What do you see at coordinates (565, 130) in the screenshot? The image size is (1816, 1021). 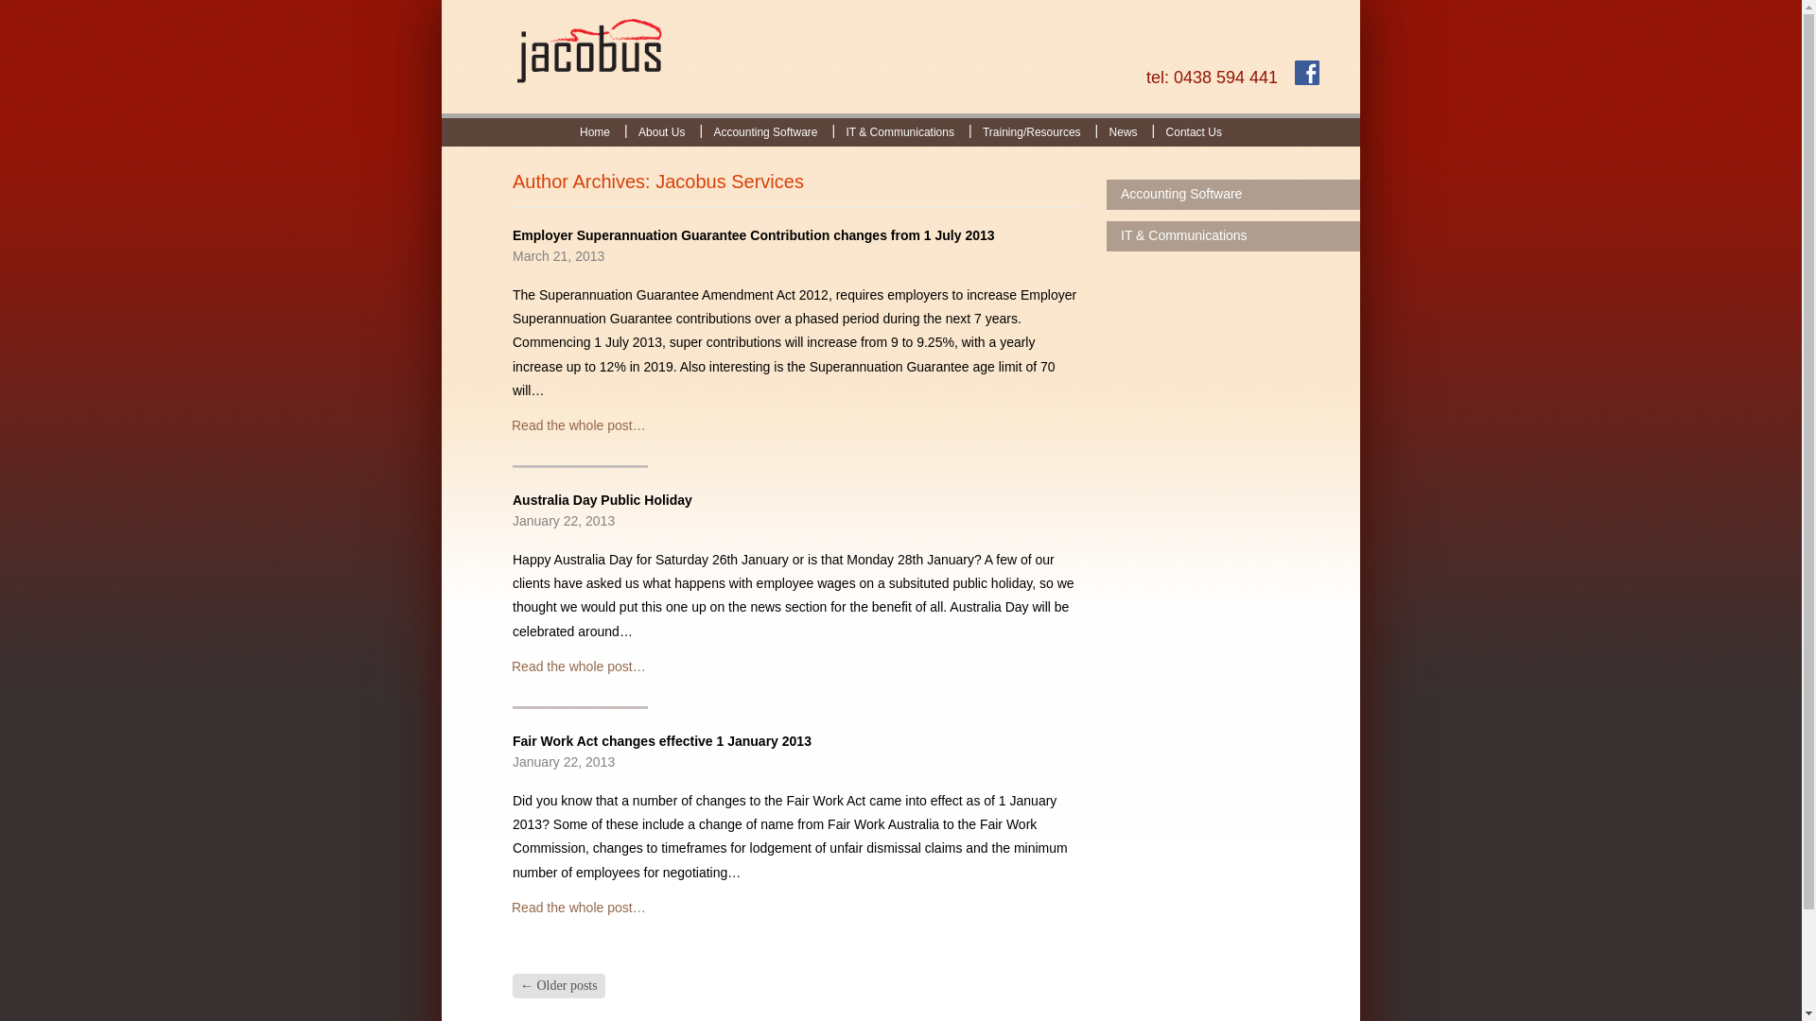 I see `'Home'` at bounding box center [565, 130].